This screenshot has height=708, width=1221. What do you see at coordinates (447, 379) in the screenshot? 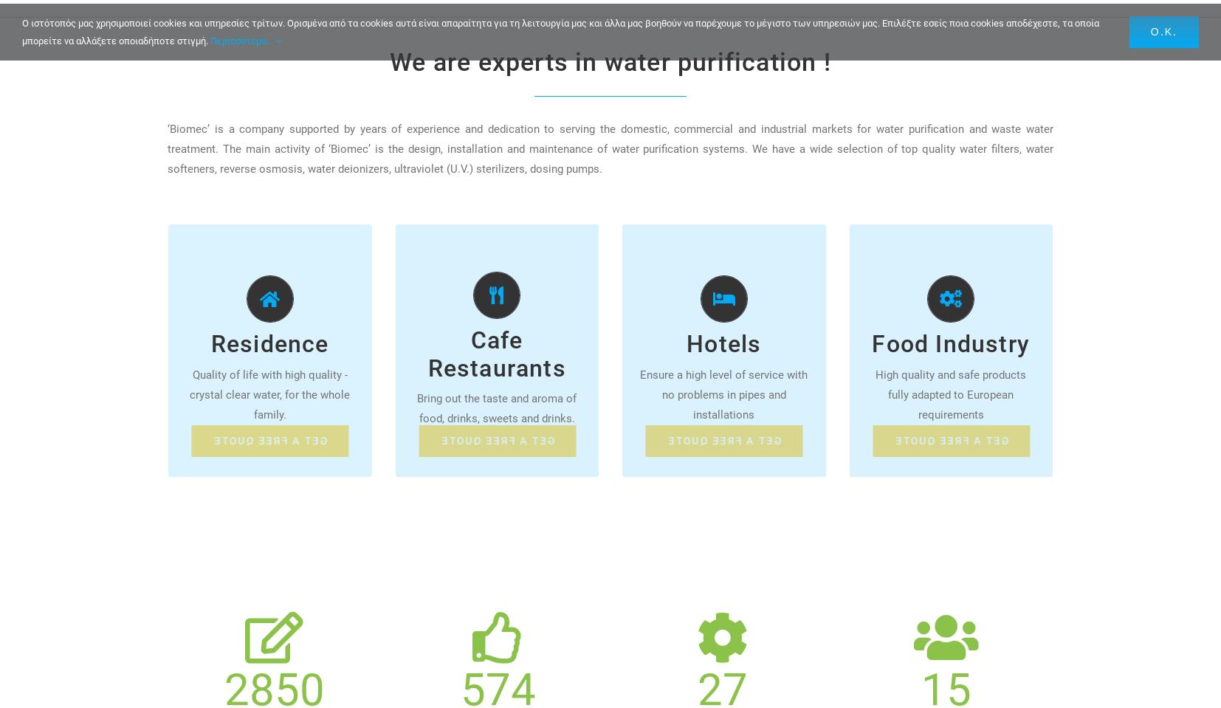
I see `'Water coolers'` at bounding box center [447, 379].